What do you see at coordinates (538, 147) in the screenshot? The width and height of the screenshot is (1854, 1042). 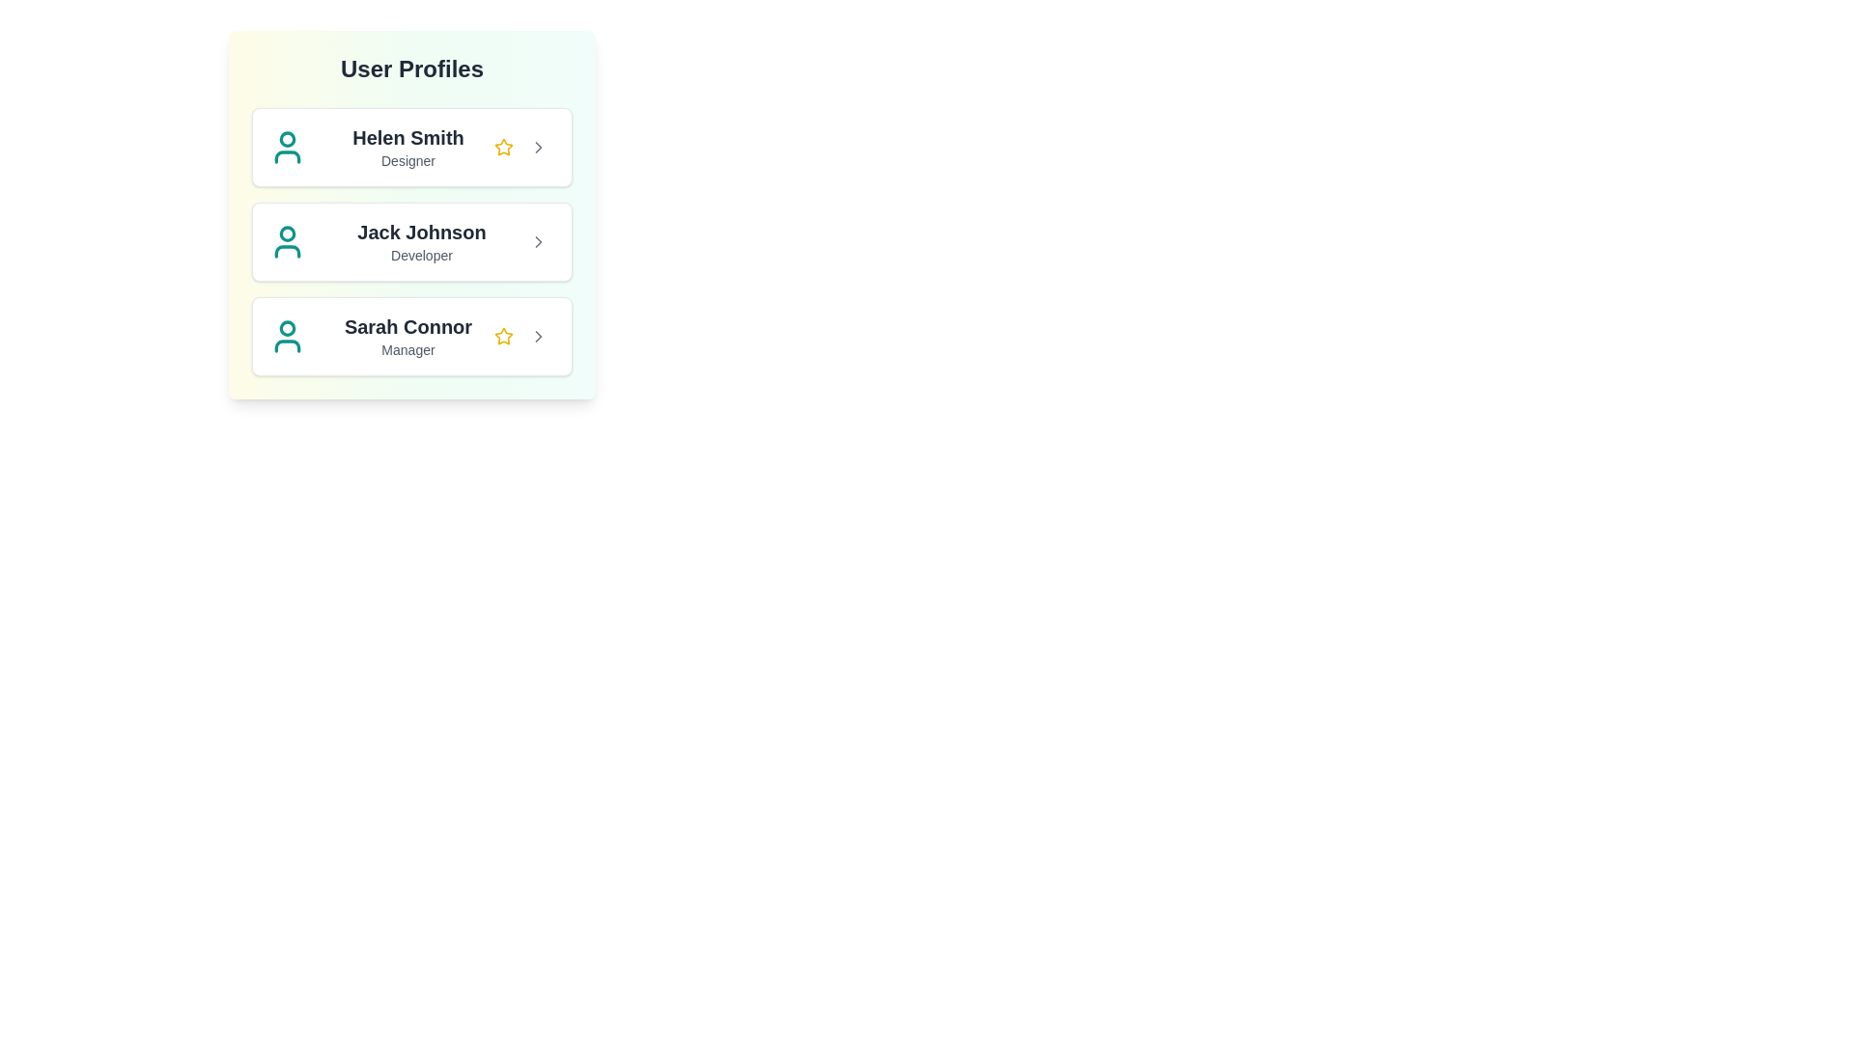 I see `the arrow button of the profile corresponding to Helen Smith` at bounding box center [538, 147].